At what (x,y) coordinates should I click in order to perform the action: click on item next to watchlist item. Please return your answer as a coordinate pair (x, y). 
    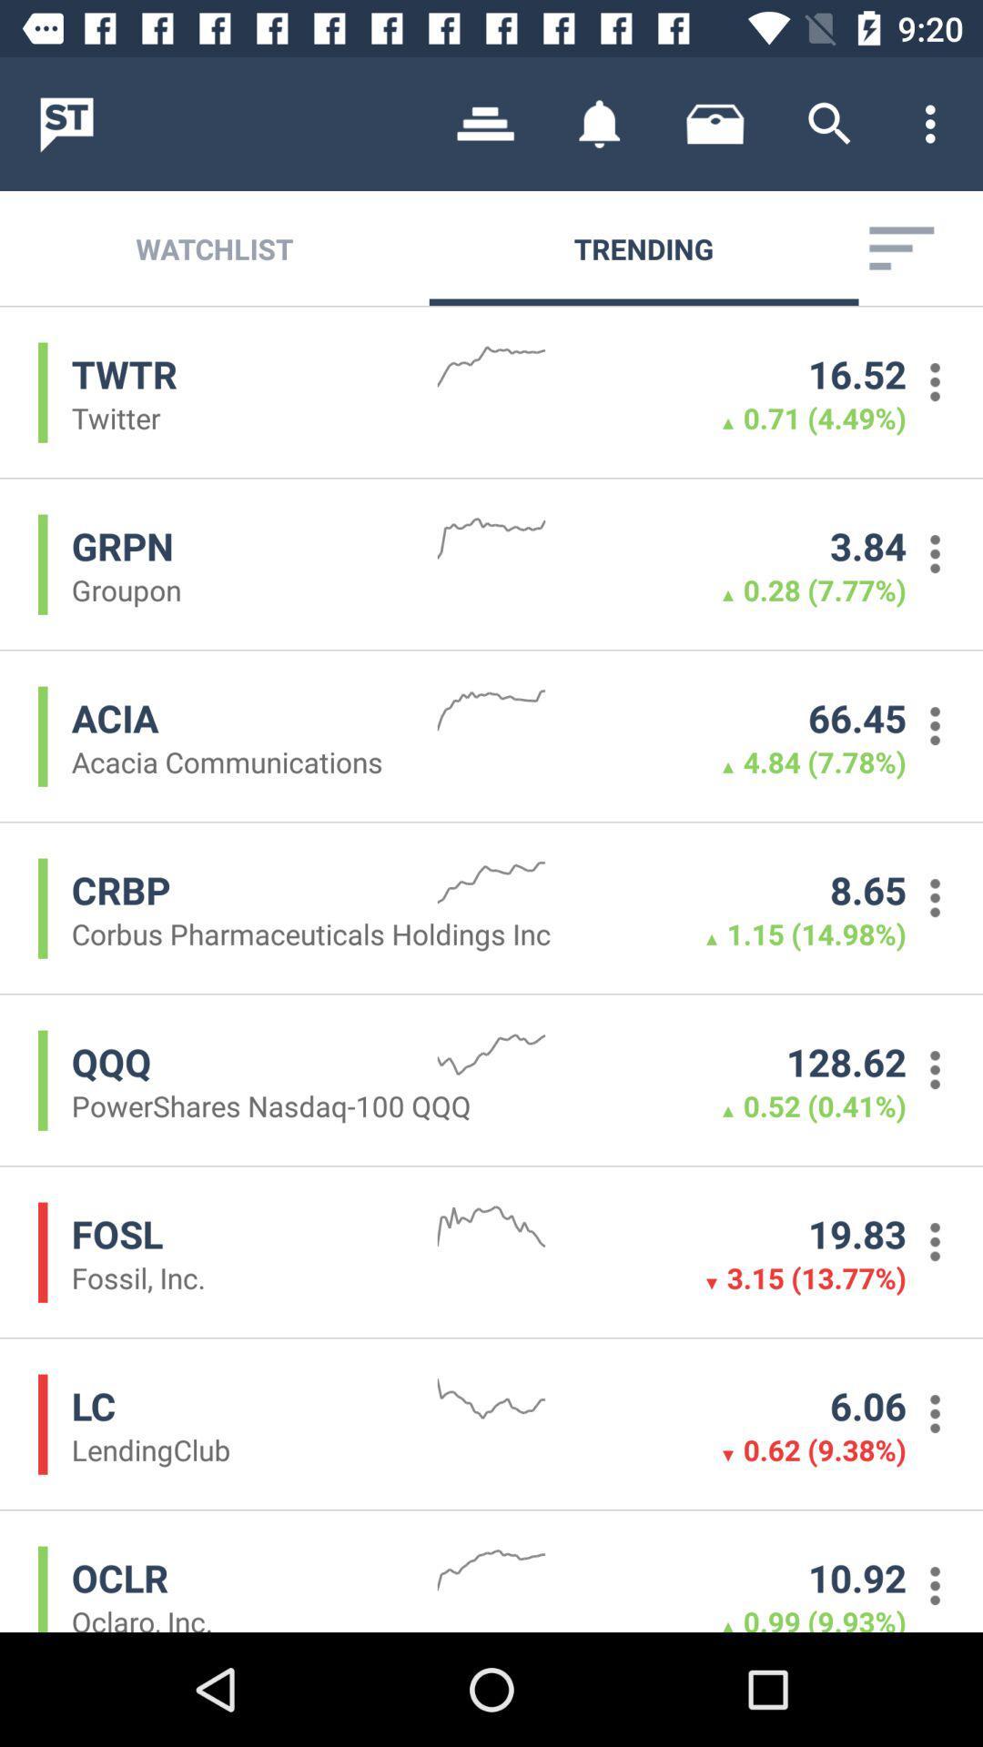
    Looking at the image, I should click on (484, 123).